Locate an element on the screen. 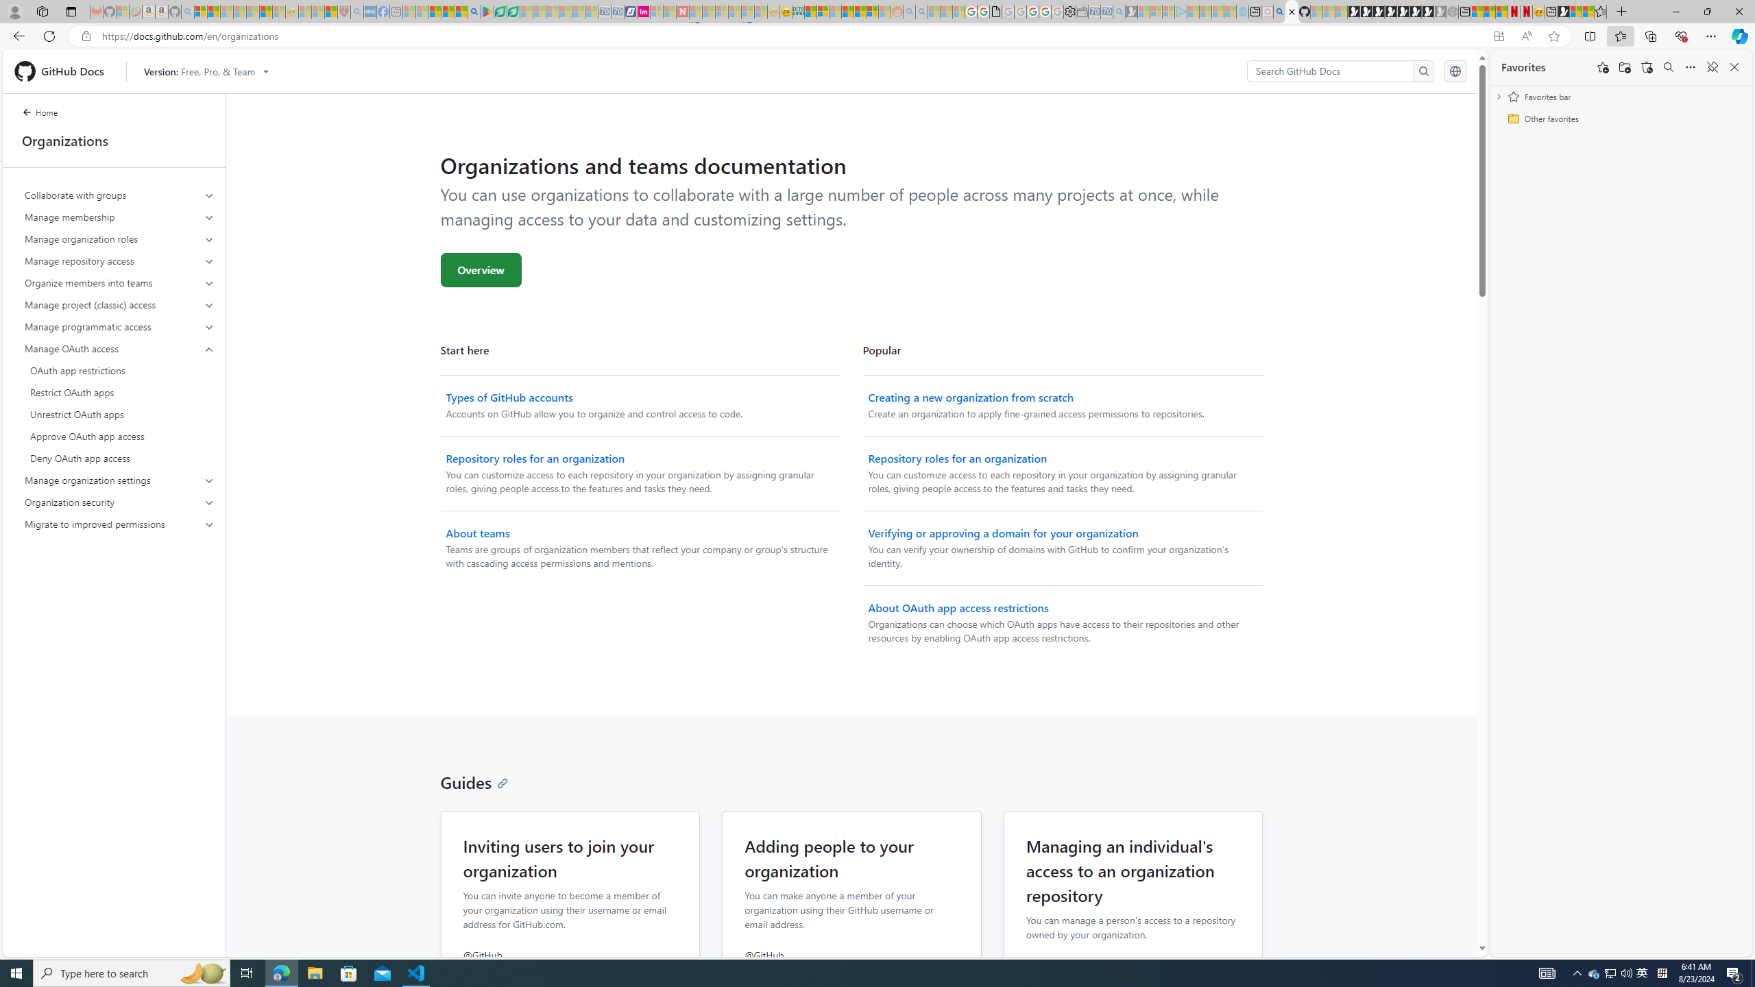 The image size is (1755, 987). 'Organizations' is located at coordinates (114, 140).